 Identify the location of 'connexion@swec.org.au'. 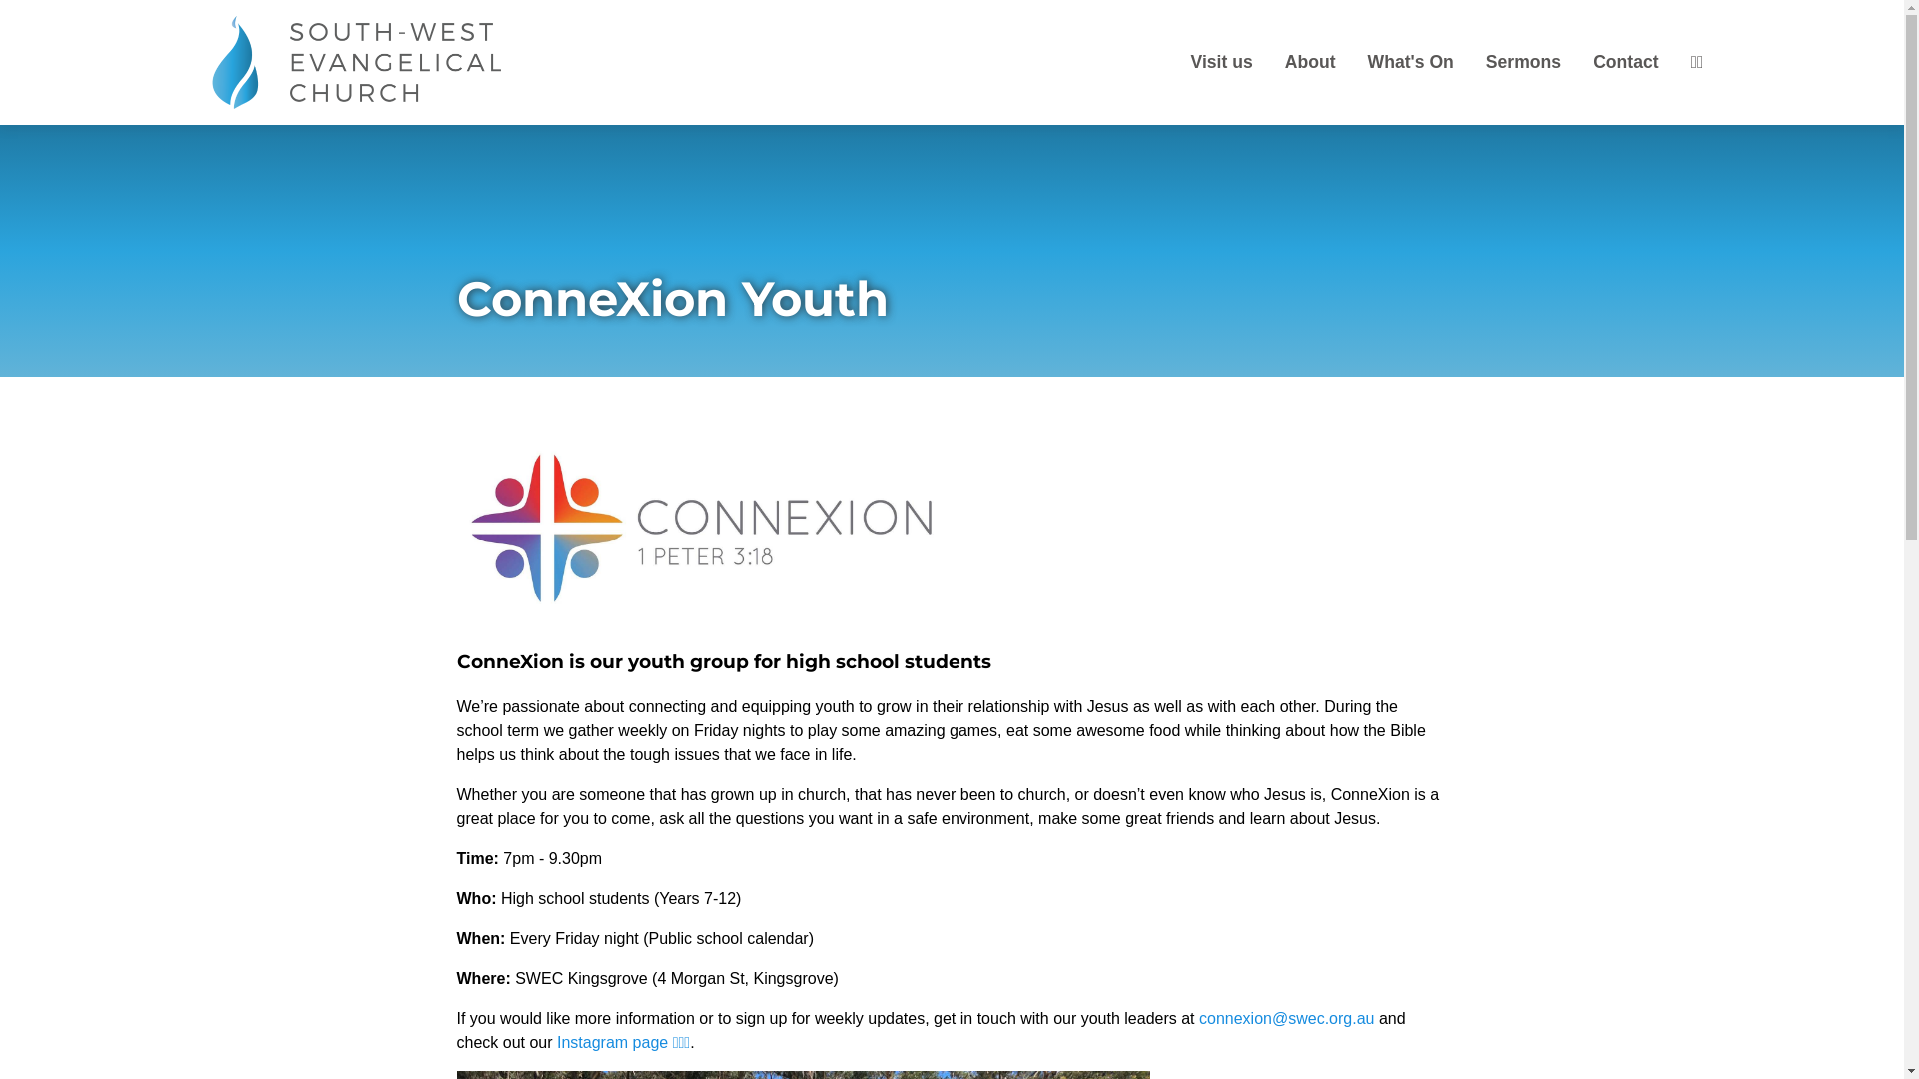
(1286, 1018).